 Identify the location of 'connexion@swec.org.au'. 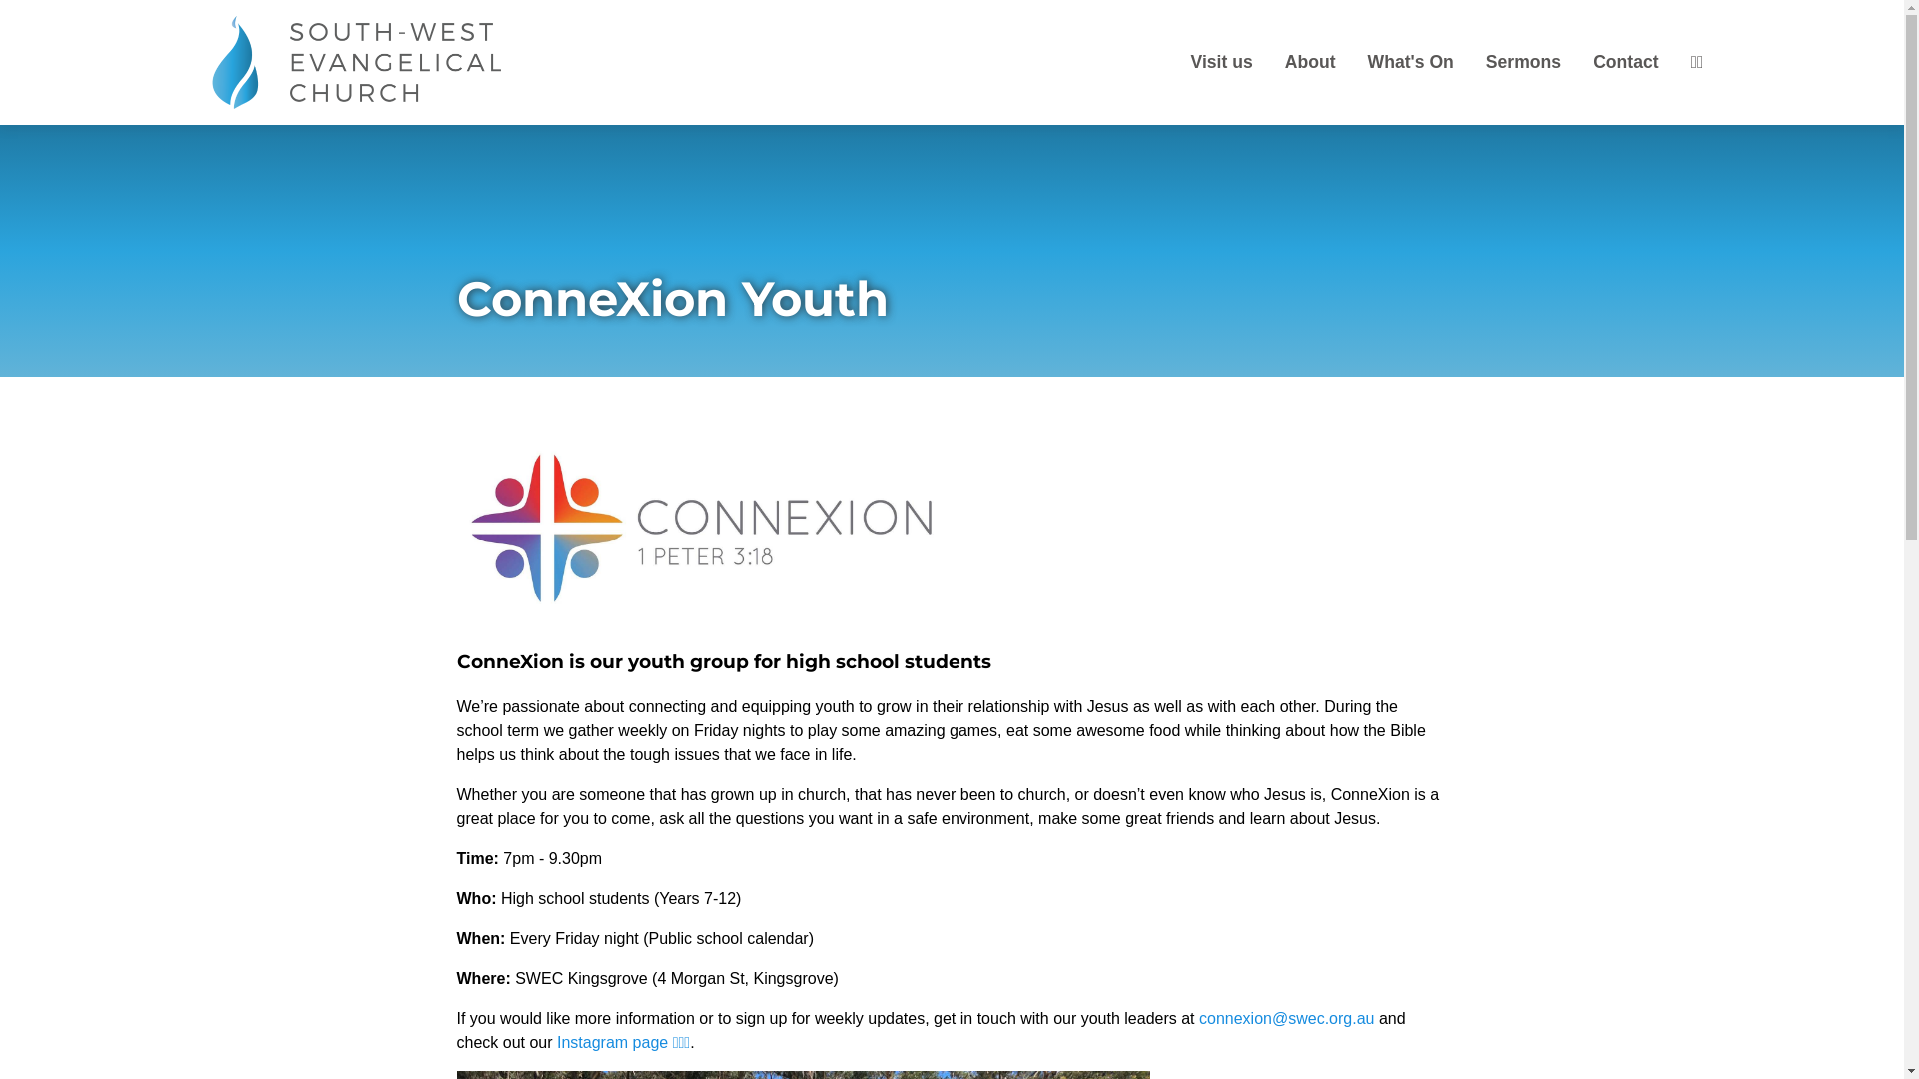
(1286, 1018).